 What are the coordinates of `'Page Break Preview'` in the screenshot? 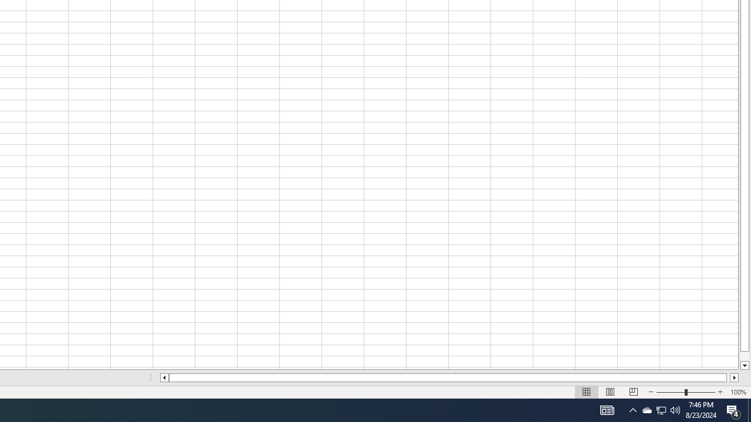 It's located at (632, 392).